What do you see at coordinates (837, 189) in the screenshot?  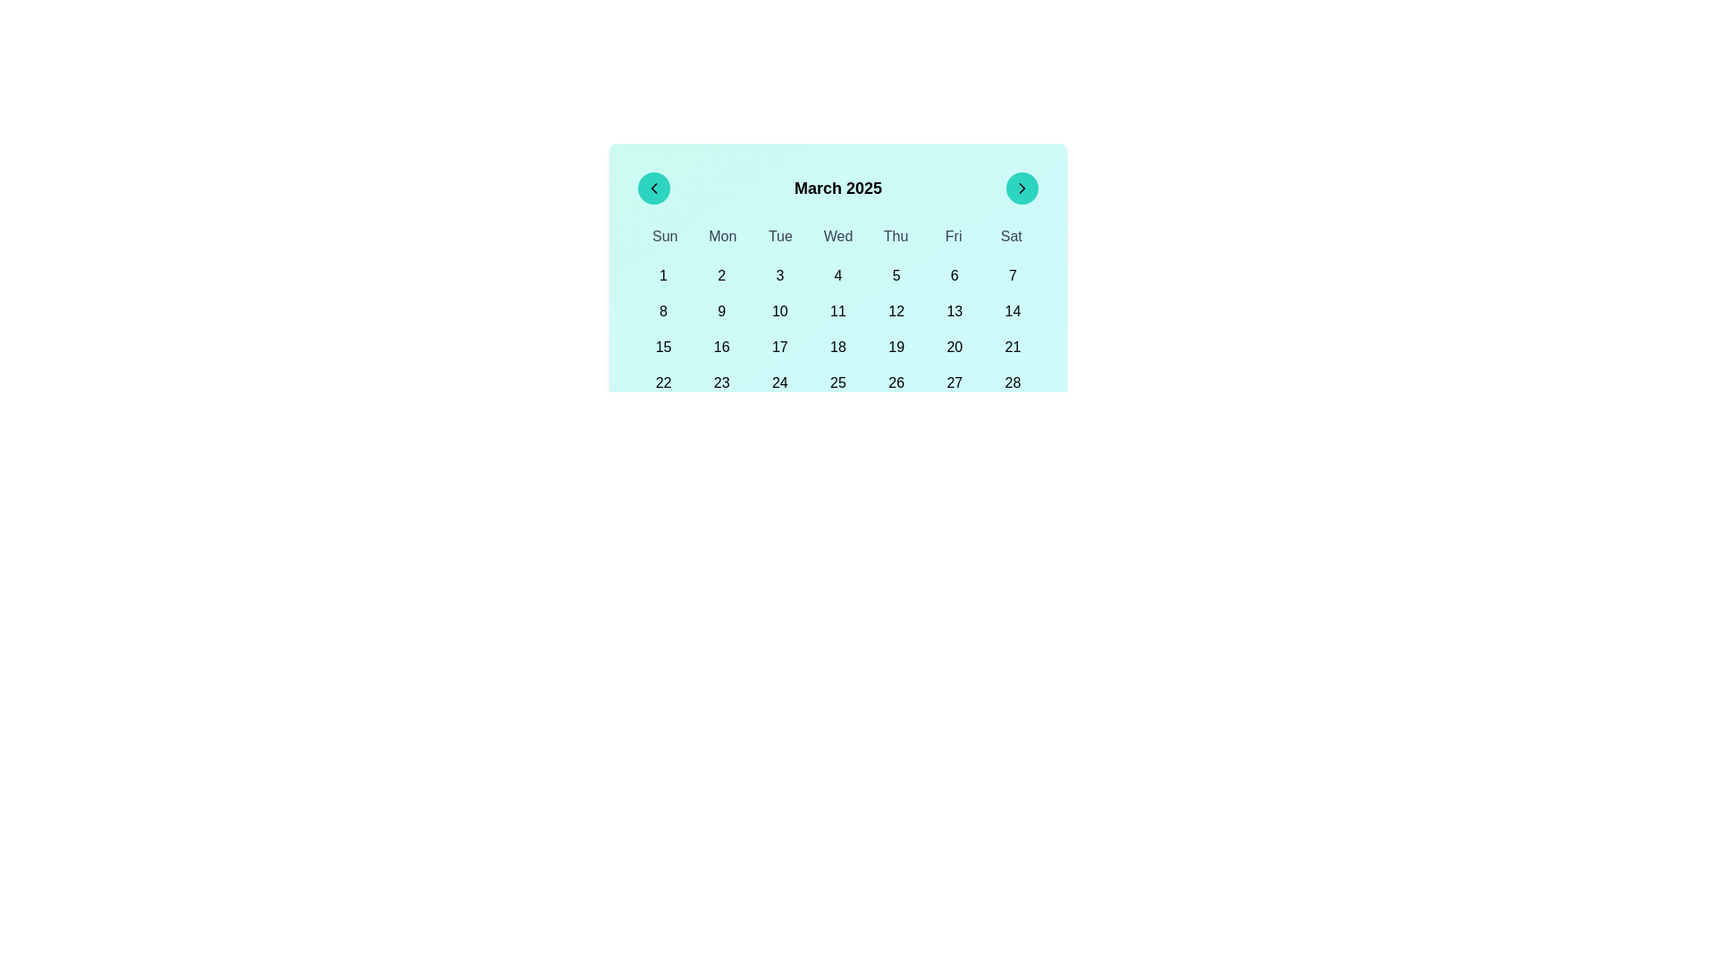 I see `the text label displaying the month and year in the header section of the calendar interface` at bounding box center [837, 189].